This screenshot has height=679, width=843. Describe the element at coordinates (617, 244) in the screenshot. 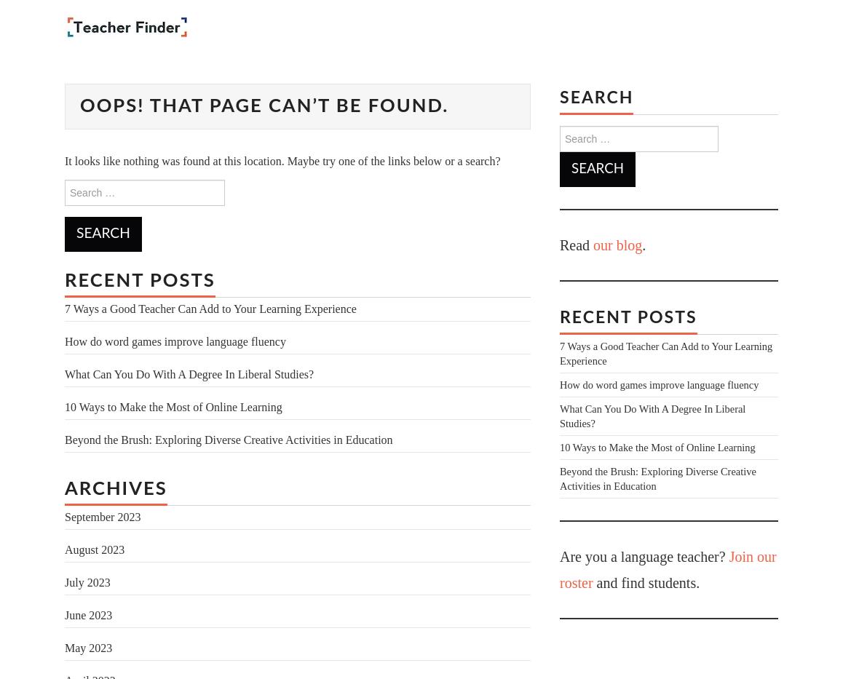

I see `'our blog'` at that location.